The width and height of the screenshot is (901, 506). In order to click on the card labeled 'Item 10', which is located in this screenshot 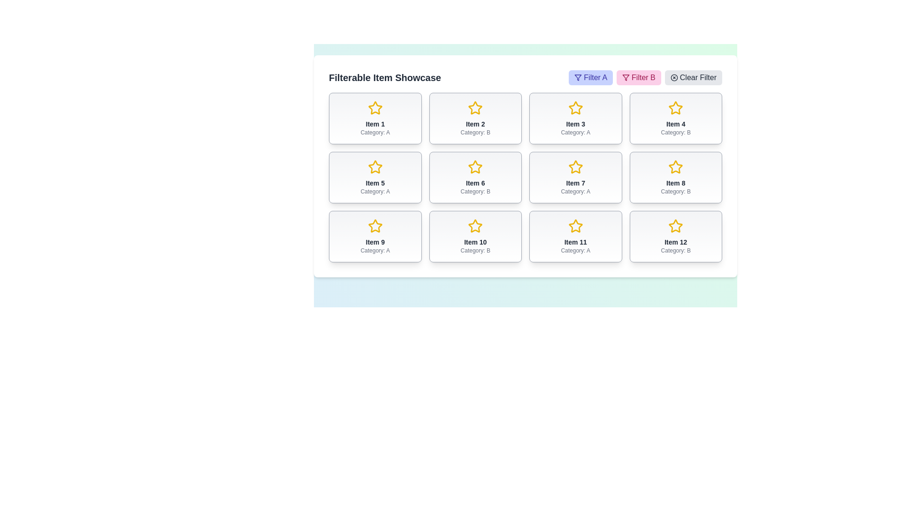, I will do `click(475, 236)`.